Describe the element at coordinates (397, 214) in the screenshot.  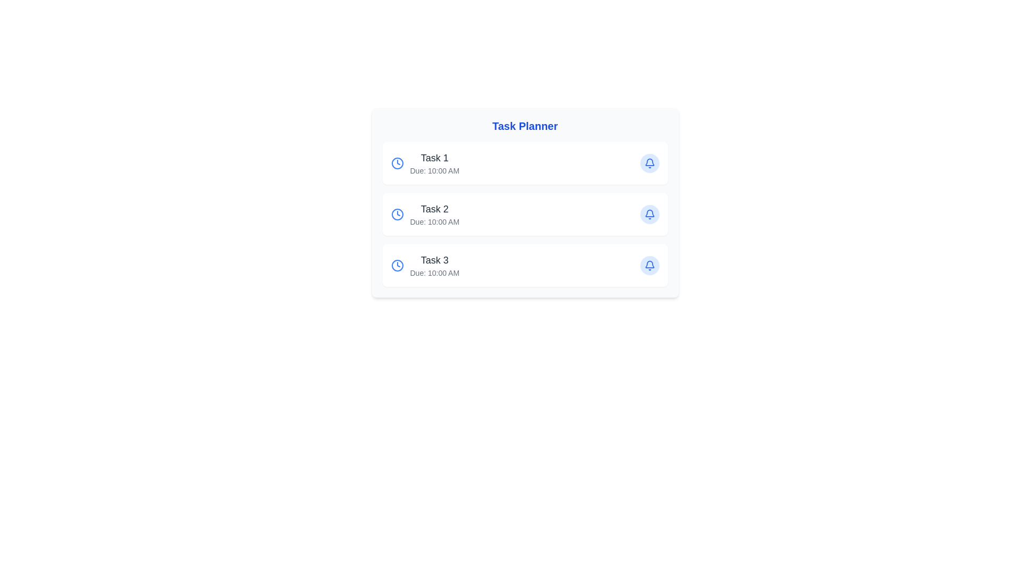
I see `the time-related icon that indicates the due time of 'Due: 10:00 AM', located to the left of the task description 'Task 2'` at that location.